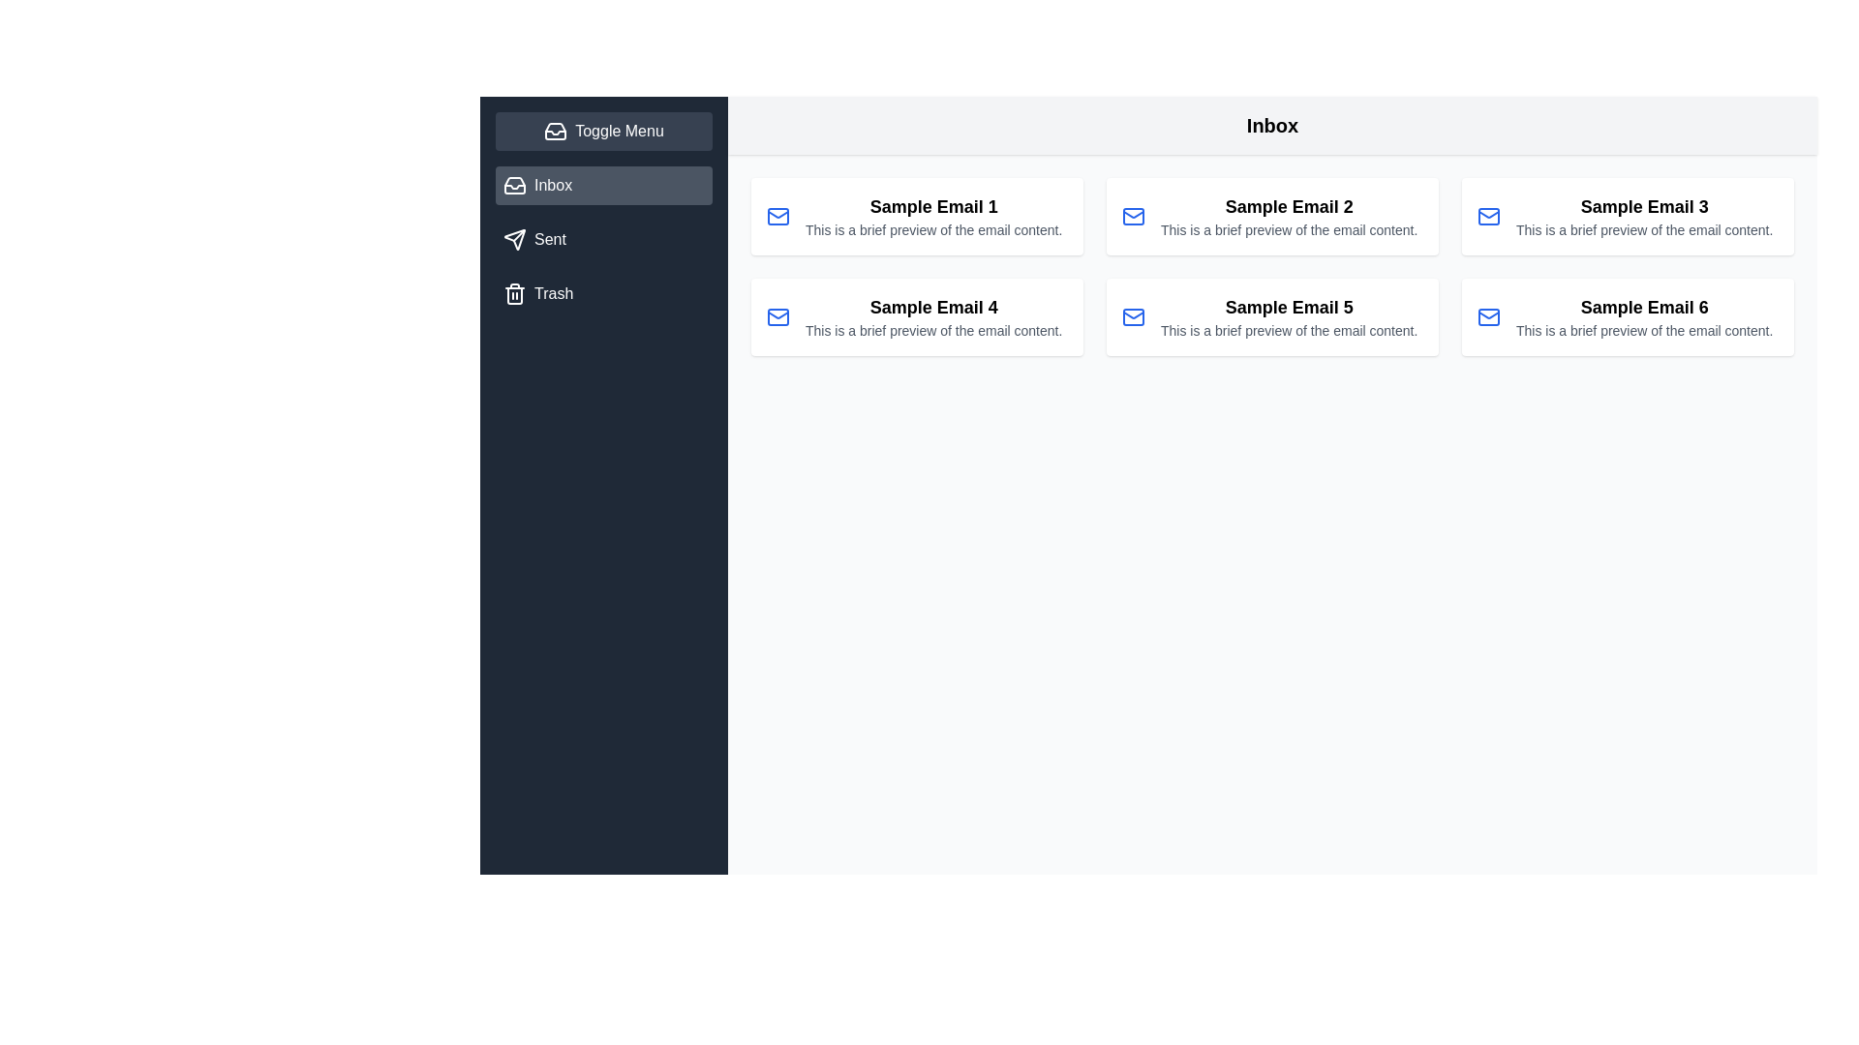  I want to click on the mail icon representing 'Sample Email 3' located in the top row and third column of the inbox grid, so click(1487, 216).